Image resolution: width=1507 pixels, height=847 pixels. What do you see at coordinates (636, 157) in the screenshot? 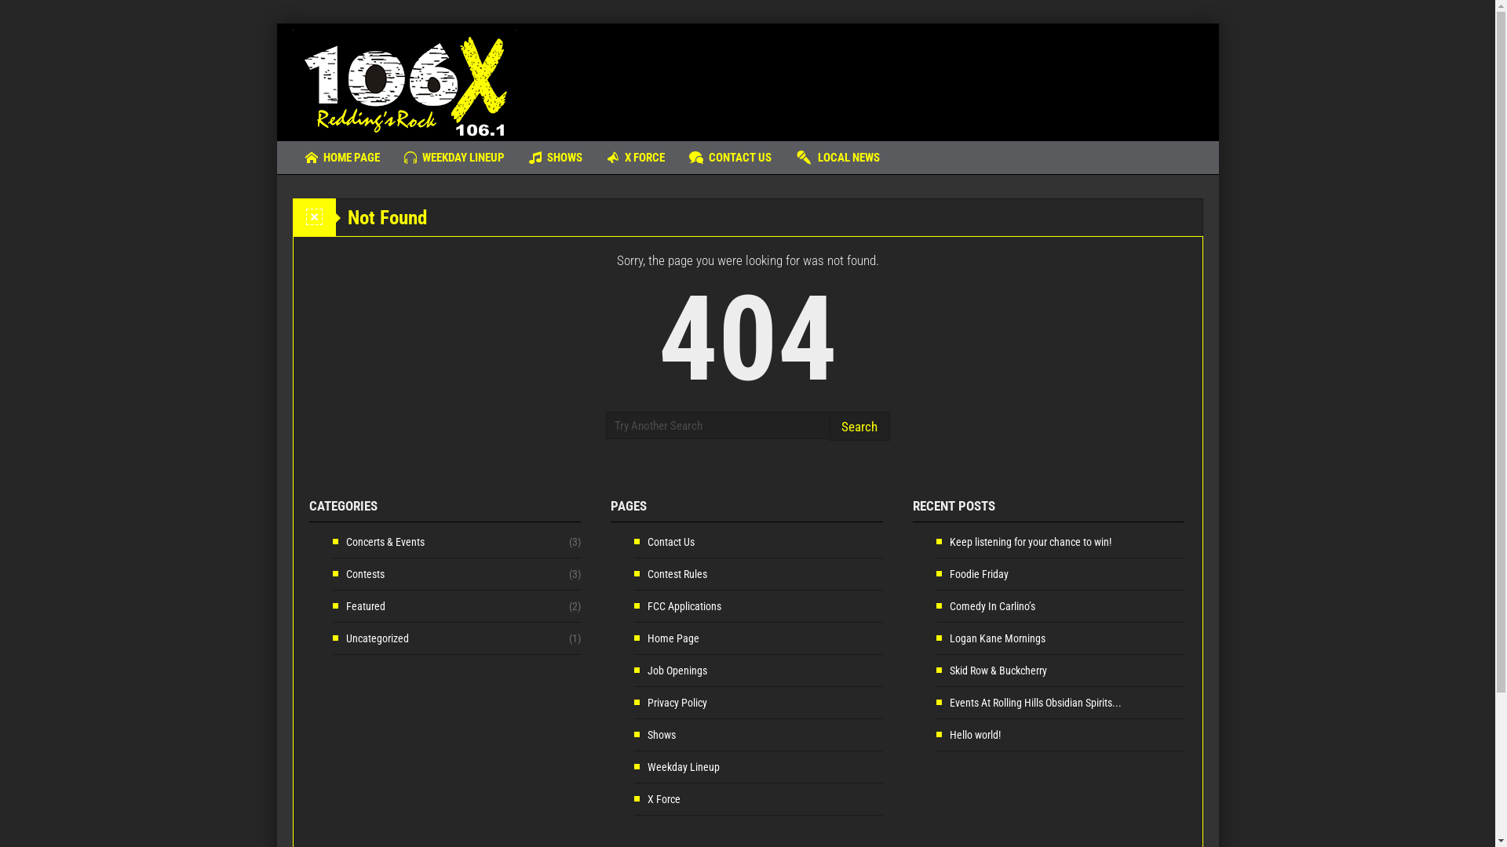
I see `'X FORCE'` at bounding box center [636, 157].